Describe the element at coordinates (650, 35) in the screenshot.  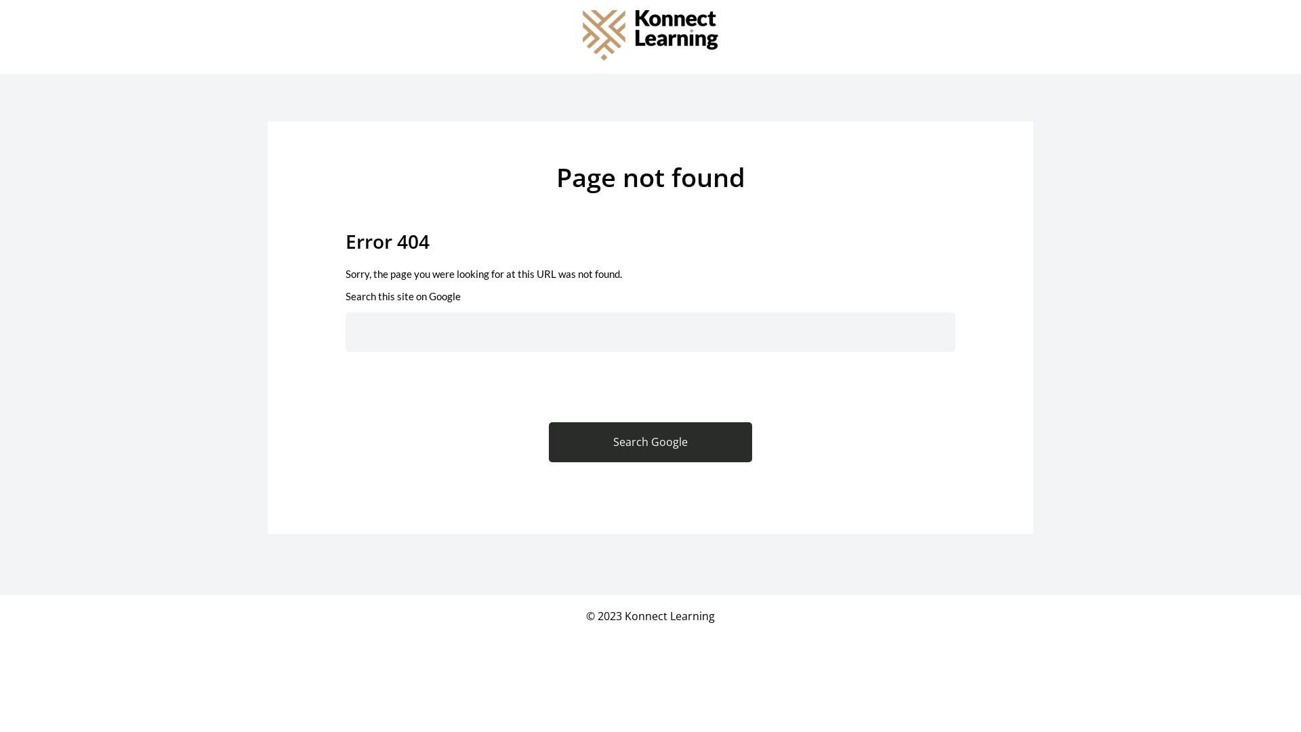
I see `'Konnect_Learning_Logo_Master_RGB'` at that location.